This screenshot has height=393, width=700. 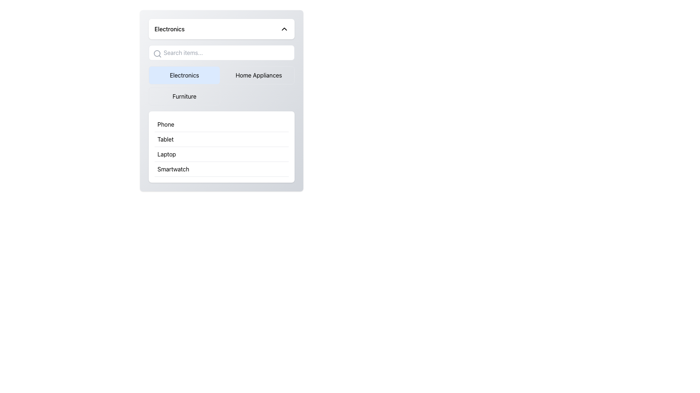 What do you see at coordinates (184, 75) in the screenshot?
I see `the 'Electronics' button` at bounding box center [184, 75].